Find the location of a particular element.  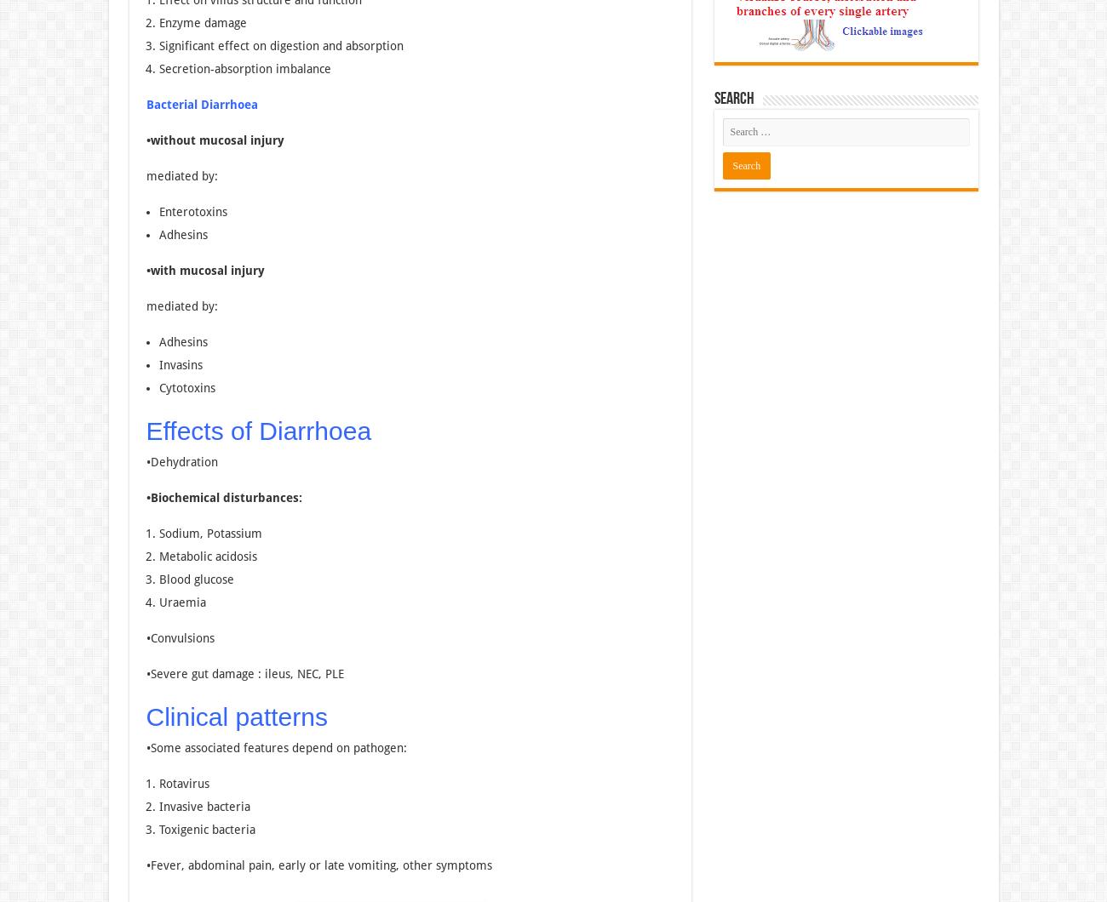

'Rotavirus' is located at coordinates (183, 784).